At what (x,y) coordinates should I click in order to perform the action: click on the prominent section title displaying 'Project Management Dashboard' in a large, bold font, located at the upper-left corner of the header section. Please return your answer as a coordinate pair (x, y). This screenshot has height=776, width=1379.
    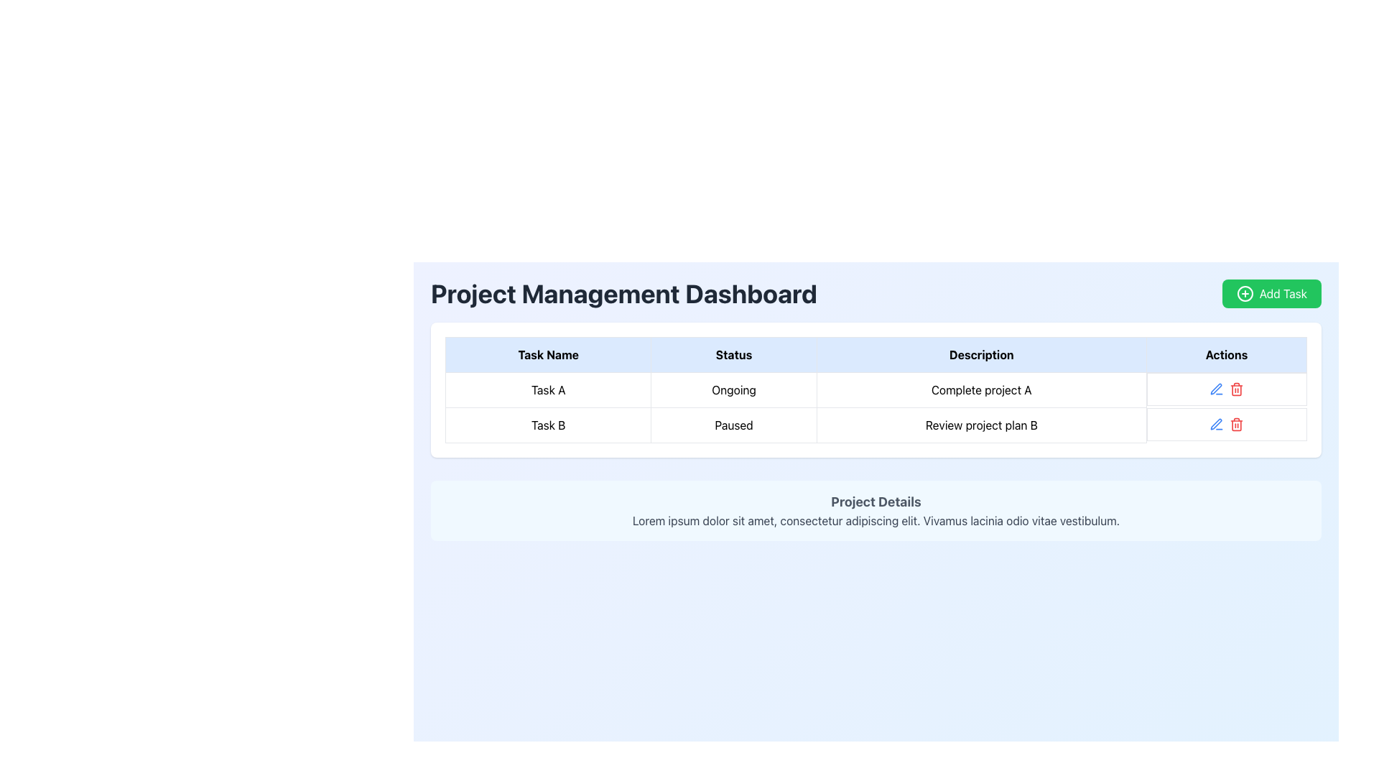
    Looking at the image, I should click on (623, 292).